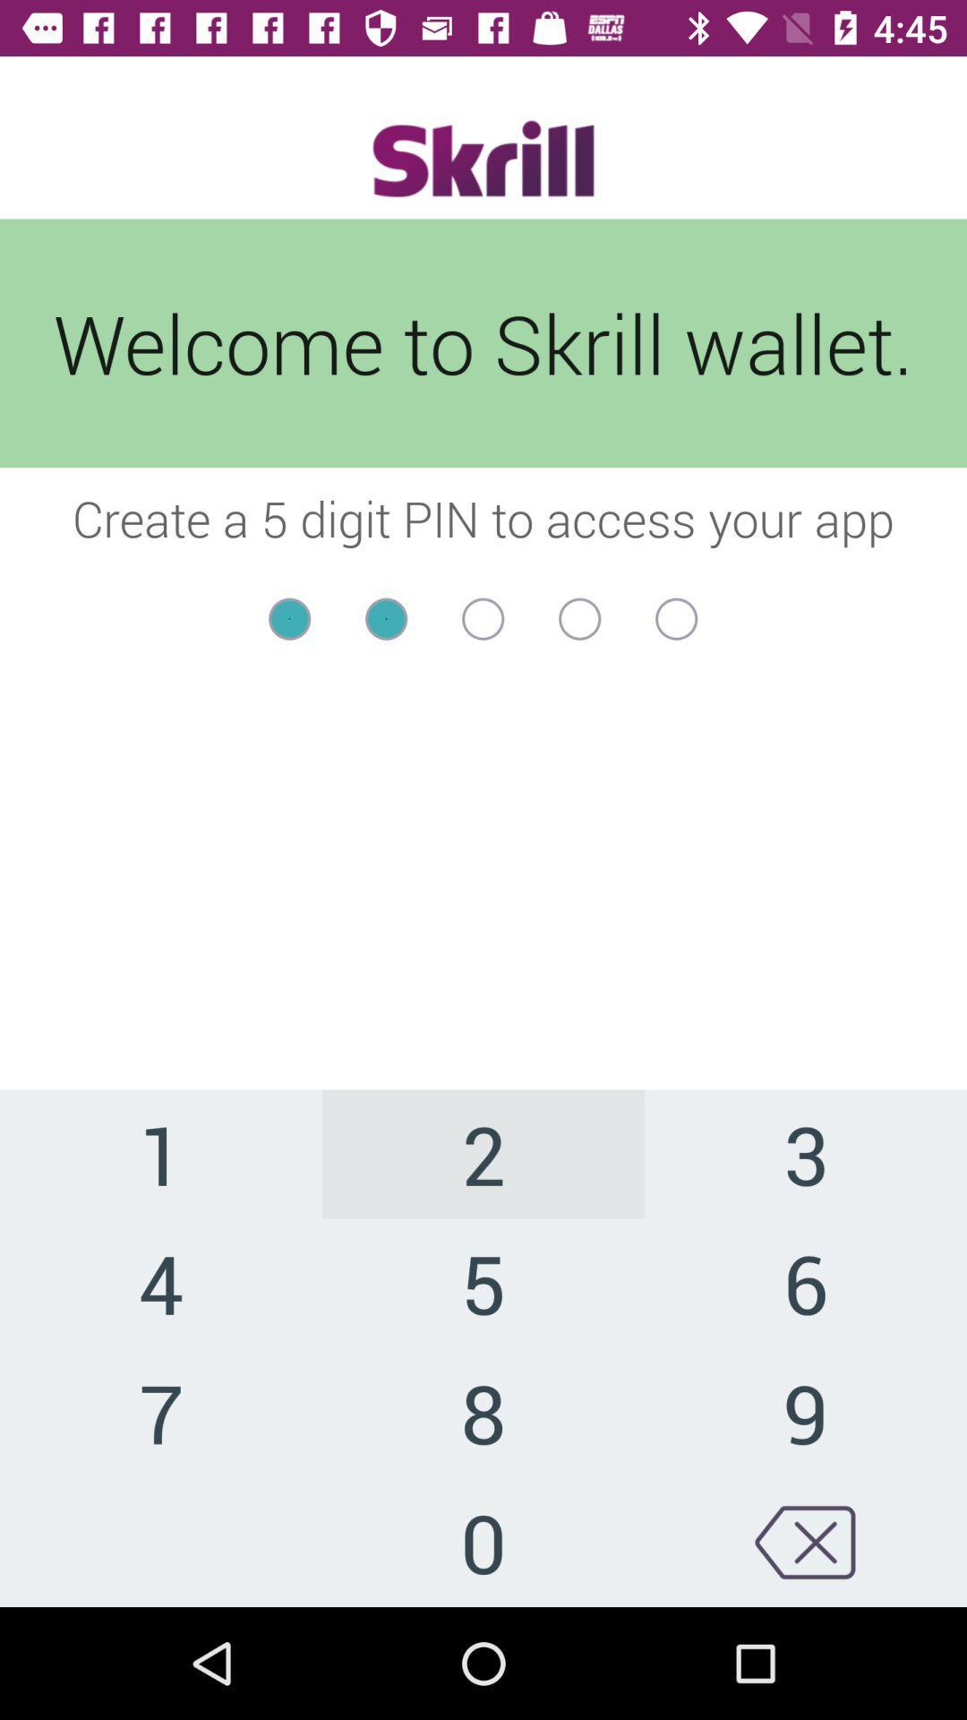  What do you see at coordinates (804, 1282) in the screenshot?
I see `item below the 2 item` at bounding box center [804, 1282].